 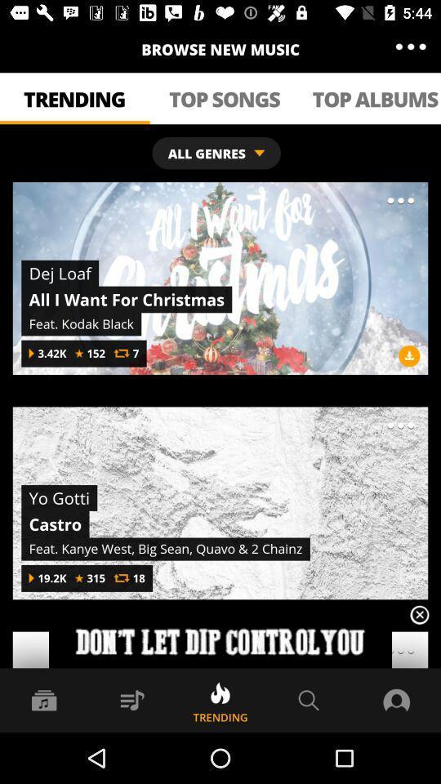 What do you see at coordinates (419, 617) in the screenshot?
I see `the close icon` at bounding box center [419, 617].